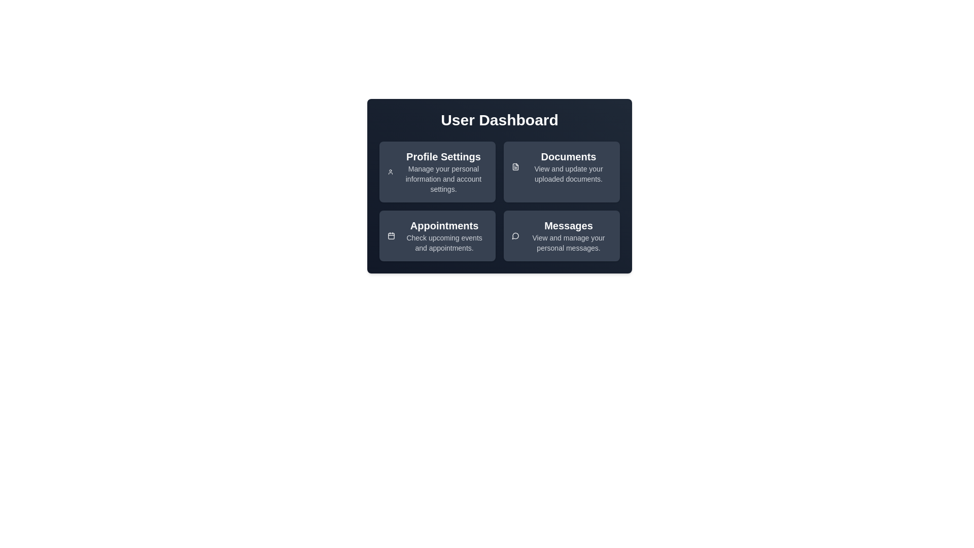  Describe the element at coordinates (437, 172) in the screenshot. I see `the 'Profile Settings' card to navigate to the profile settings page` at that location.